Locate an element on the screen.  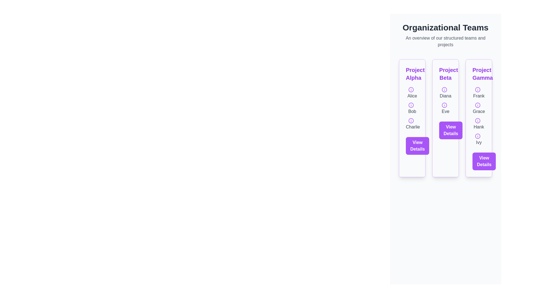
the 'View Details' button, which is a rectangular button with rounded corners and a vibrant purple background located at the bottom of the card labeled 'Project Alpha' is located at coordinates (418, 146).